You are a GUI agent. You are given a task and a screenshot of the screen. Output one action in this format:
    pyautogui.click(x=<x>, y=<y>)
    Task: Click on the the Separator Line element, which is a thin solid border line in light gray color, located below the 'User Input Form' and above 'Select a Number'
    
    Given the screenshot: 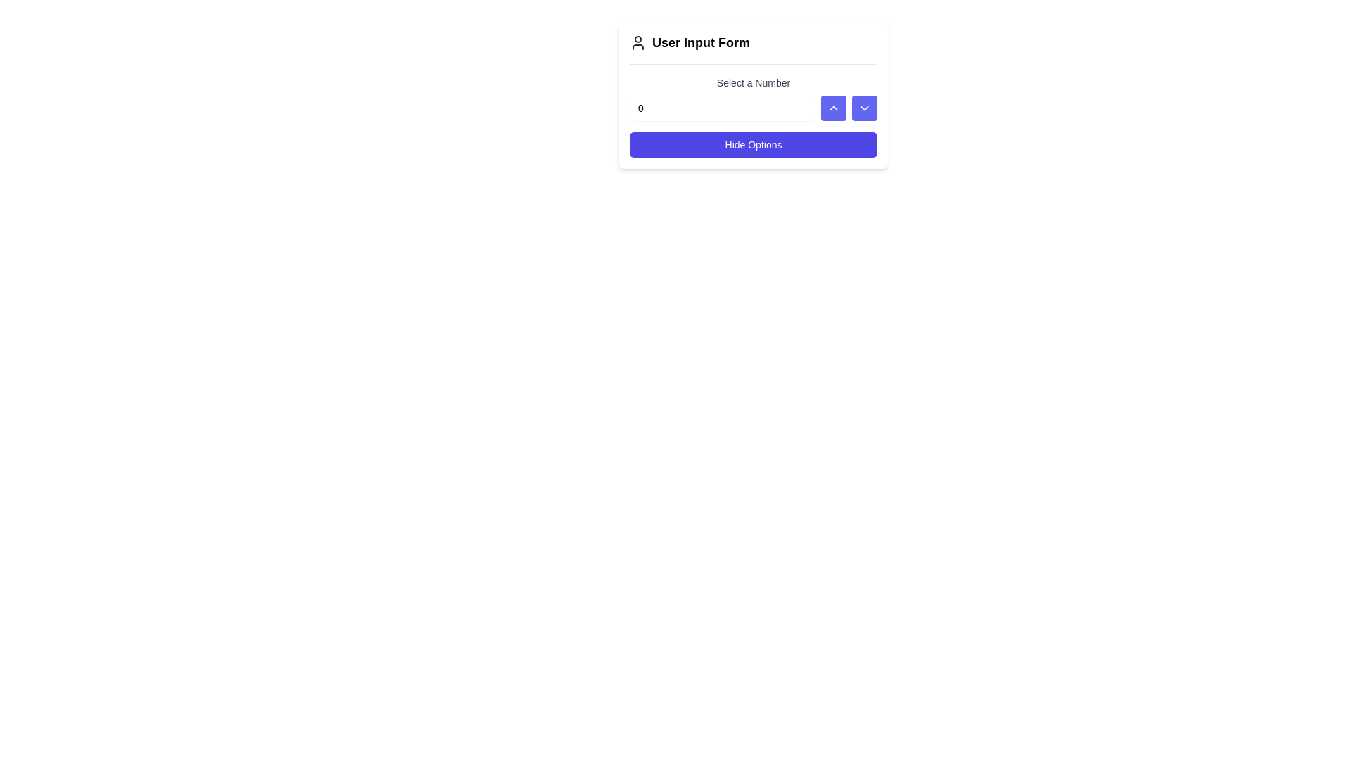 What is the action you would take?
    pyautogui.click(x=752, y=64)
    